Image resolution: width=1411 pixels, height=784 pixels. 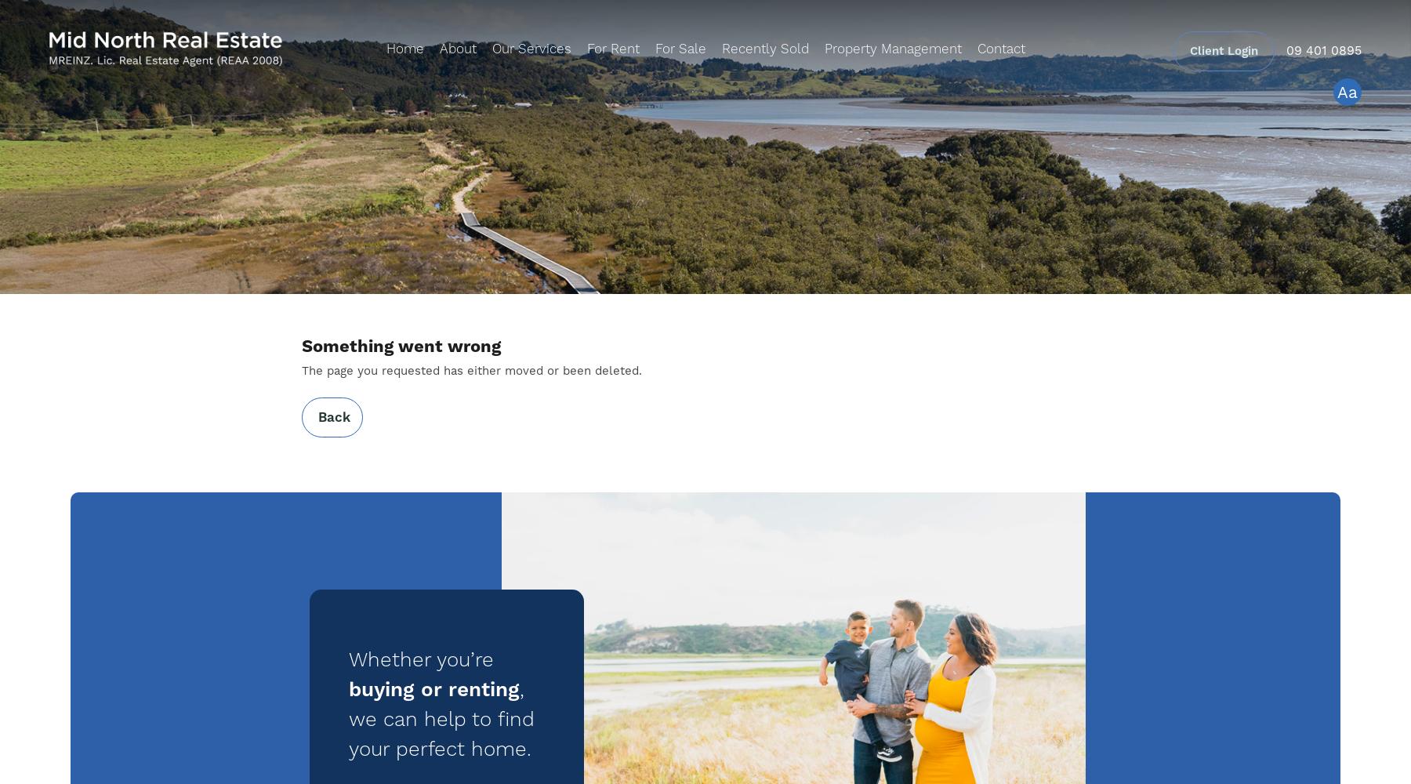 What do you see at coordinates (530, 49) in the screenshot?
I see `'Our Services'` at bounding box center [530, 49].